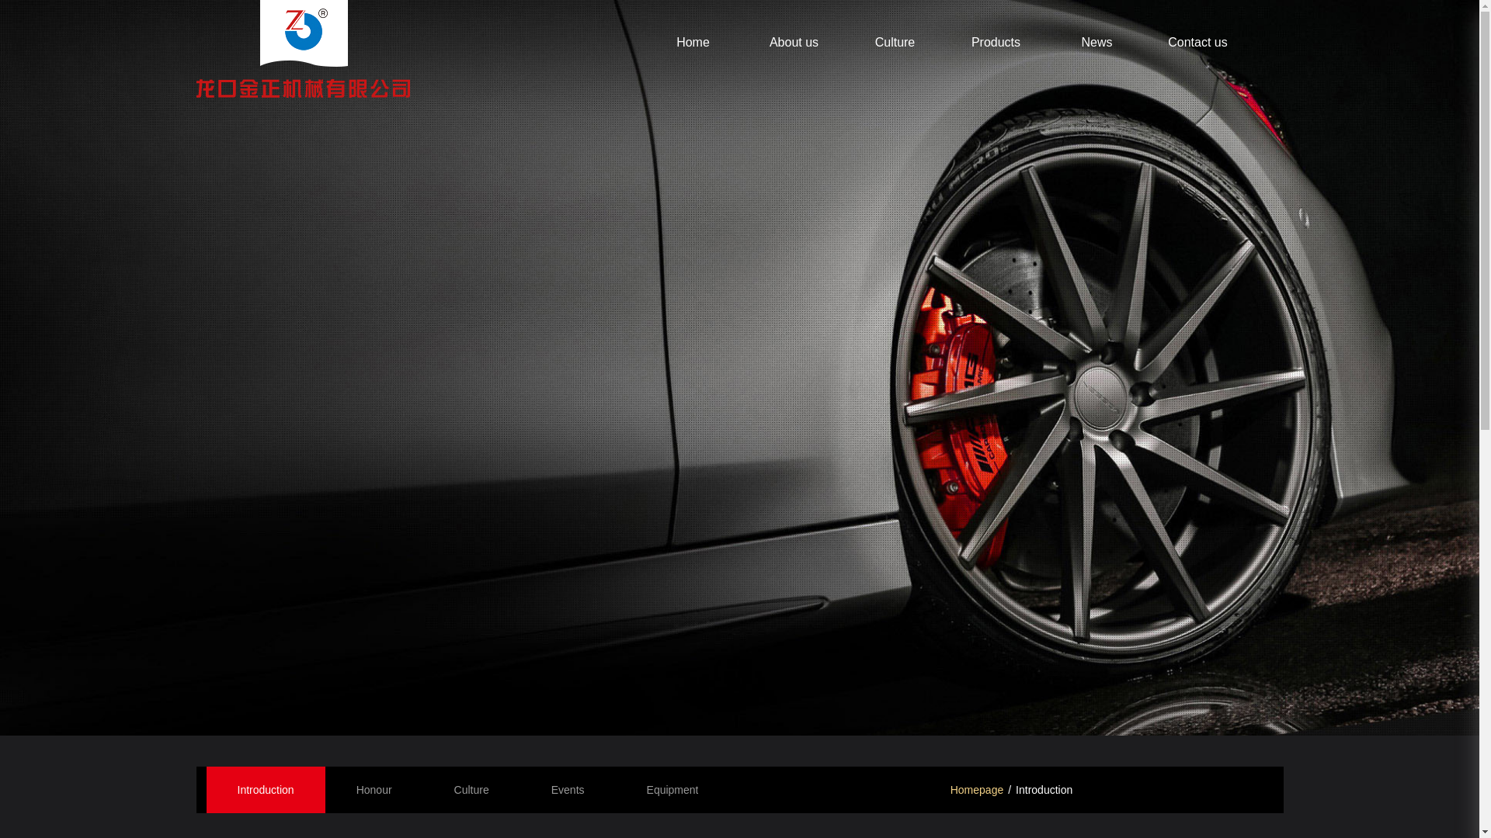 This screenshot has width=1491, height=838. What do you see at coordinates (1196, 41) in the screenshot?
I see `'Contact us'` at bounding box center [1196, 41].